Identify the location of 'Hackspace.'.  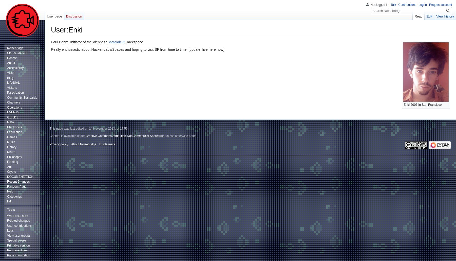
(134, 42).